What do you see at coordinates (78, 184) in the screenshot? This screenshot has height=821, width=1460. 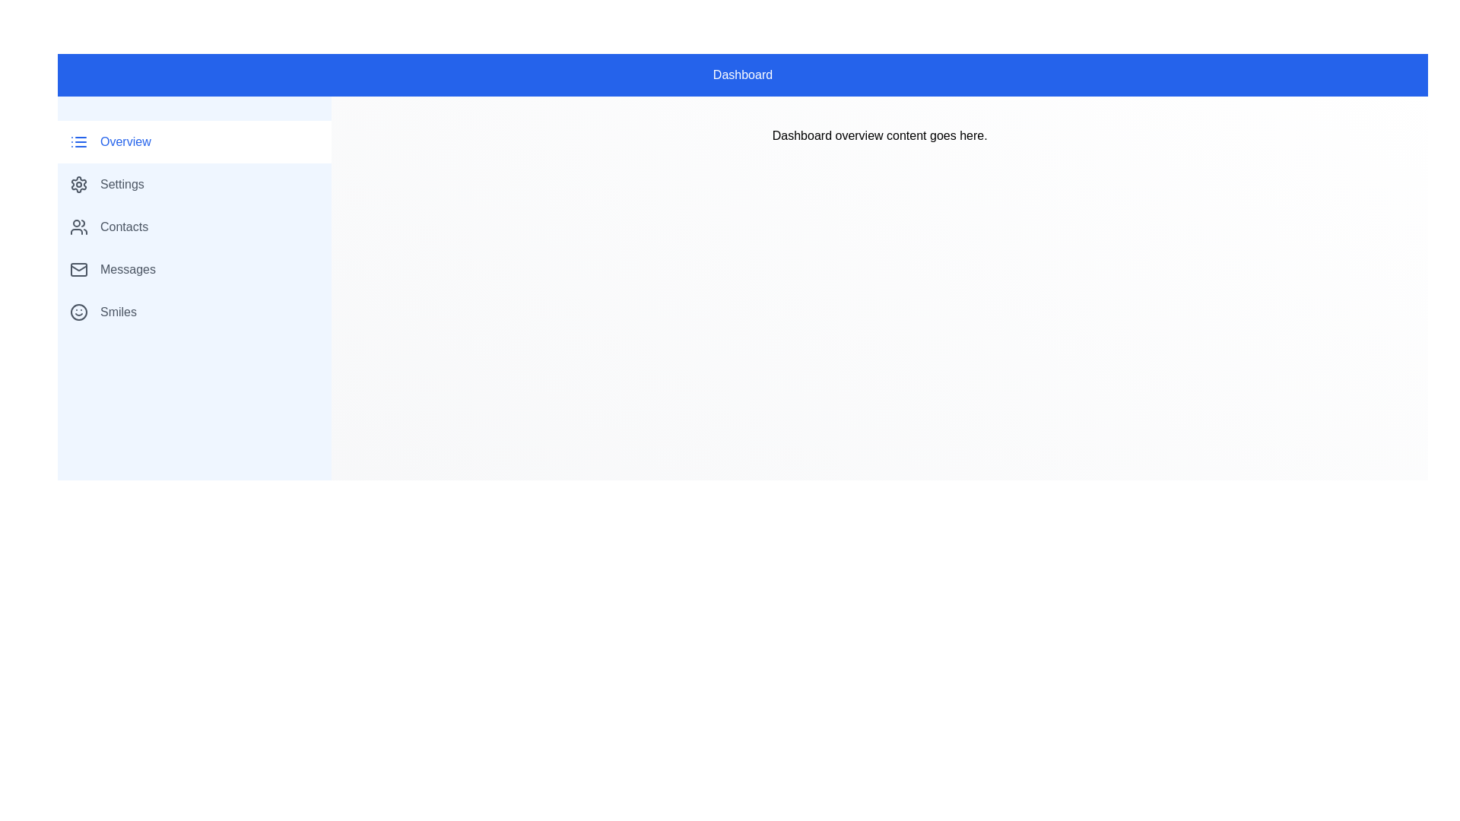 I see `the settings menu icon located in the sidebar navigation menu` at bounding box center [78, 184].